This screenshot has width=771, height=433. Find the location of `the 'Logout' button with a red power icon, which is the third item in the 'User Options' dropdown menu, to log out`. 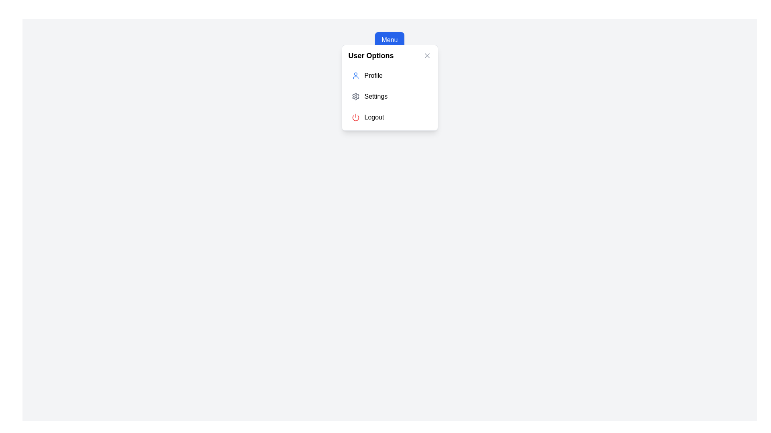

the 'Logout' button with a red power icon, which is the third item in the 'User Options' dropdown menu, to log out is located at coordinates (390, 117).